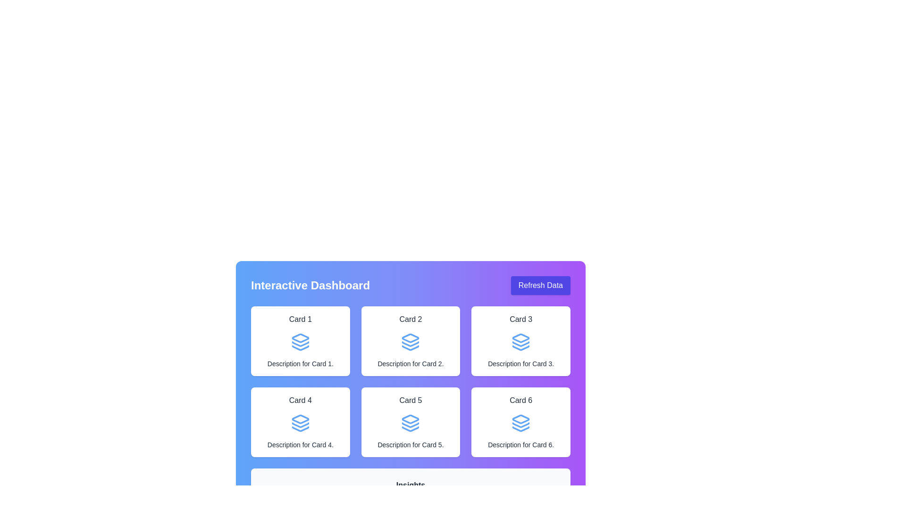  Describe the element at coordinates (520, 421) in the screenshot. I see `details of the Card component labeled 'Card 6' located in the bottom-right corner of the grid` at that location.